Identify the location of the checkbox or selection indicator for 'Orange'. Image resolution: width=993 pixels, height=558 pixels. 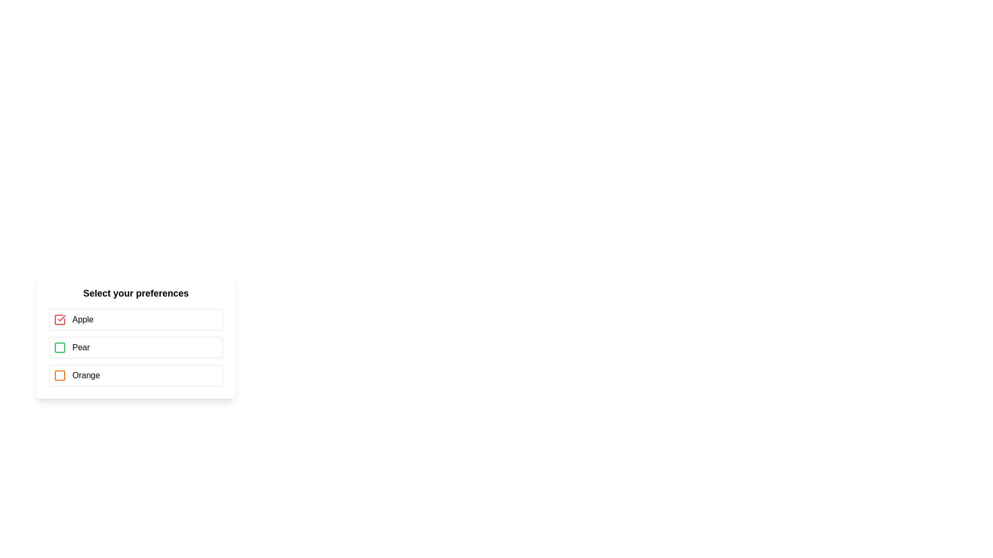
(59, 375).